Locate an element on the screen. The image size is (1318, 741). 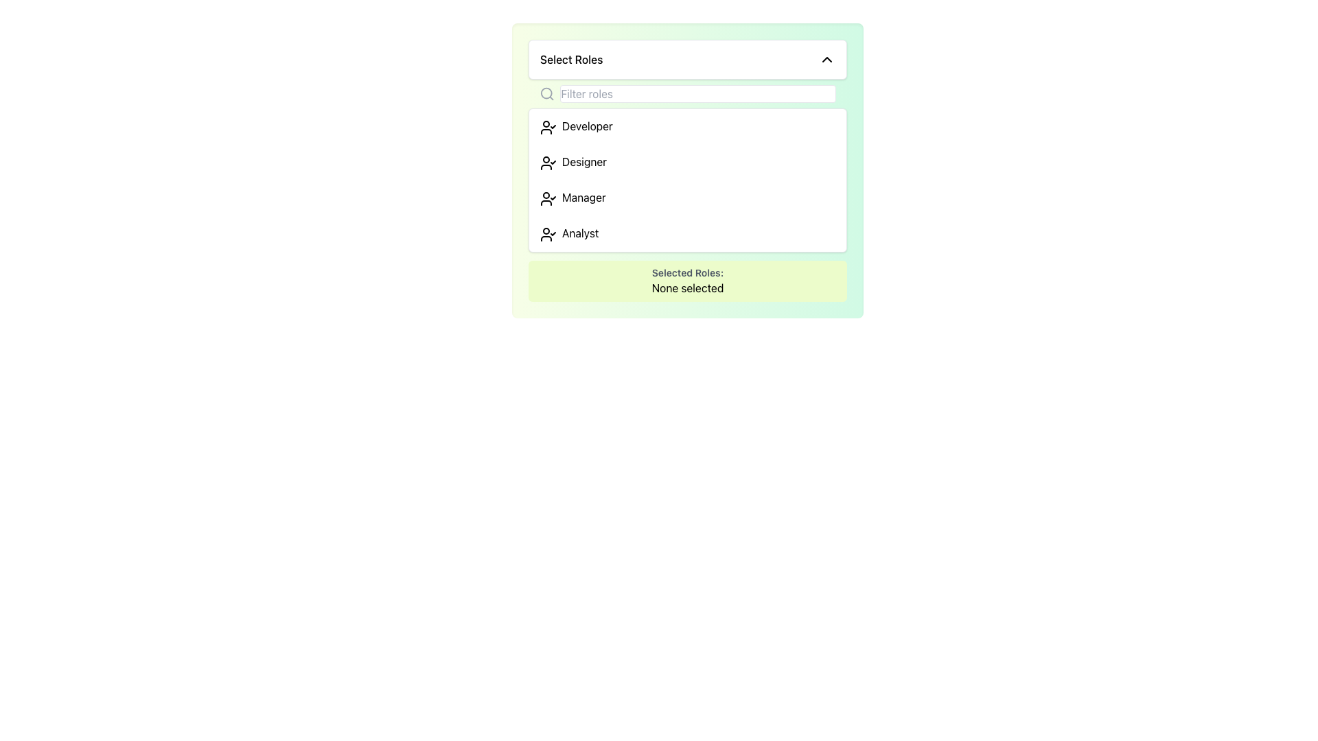
the 'Designer' role list item element is located at coordinates (688, 161).